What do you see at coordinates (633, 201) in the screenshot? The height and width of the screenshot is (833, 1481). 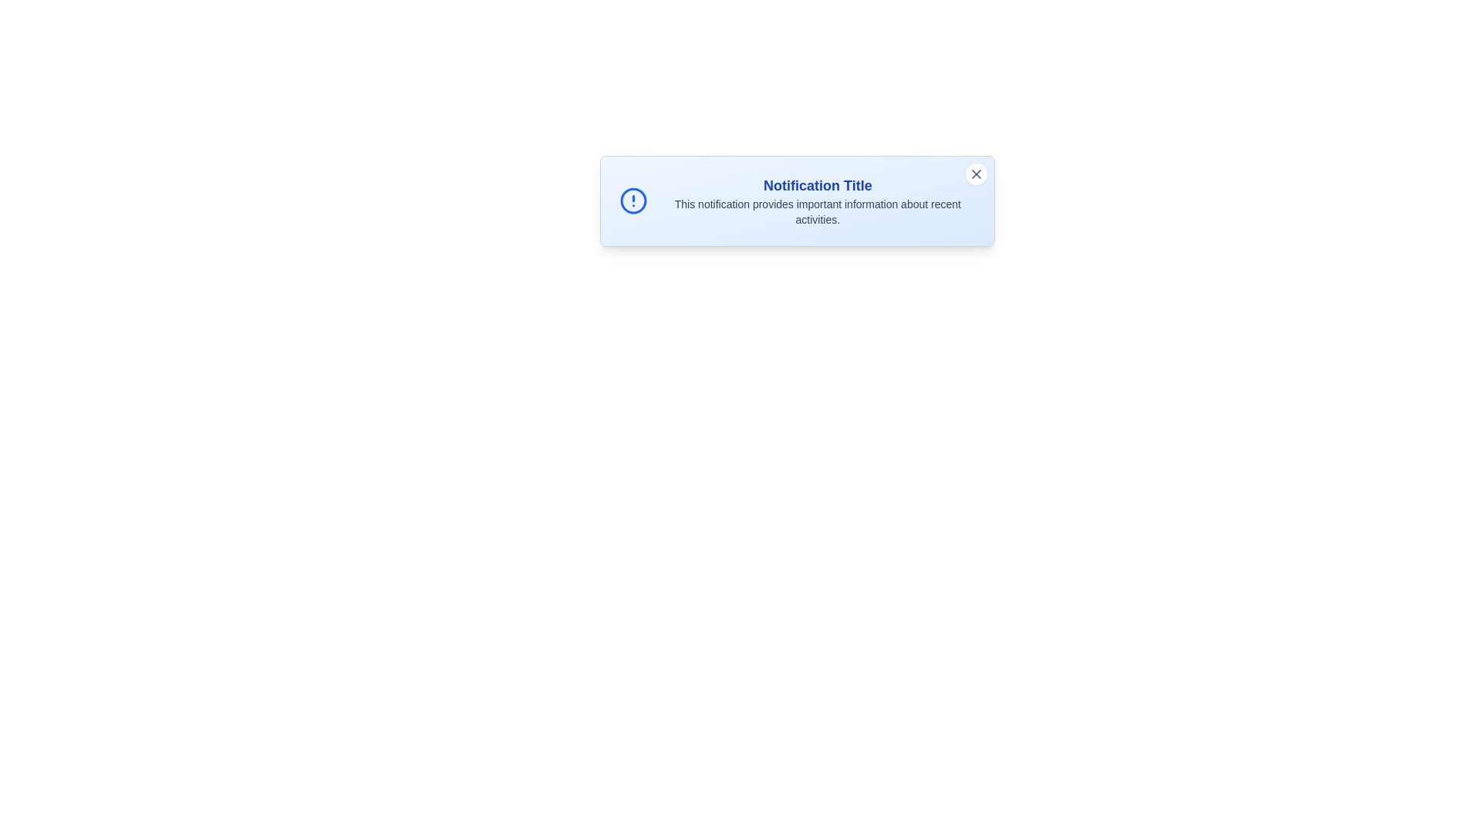 I see `the alert or notification indicator icon located on the left side of the notification banner, adjacent to the title text` at bounding box center [633, 201].